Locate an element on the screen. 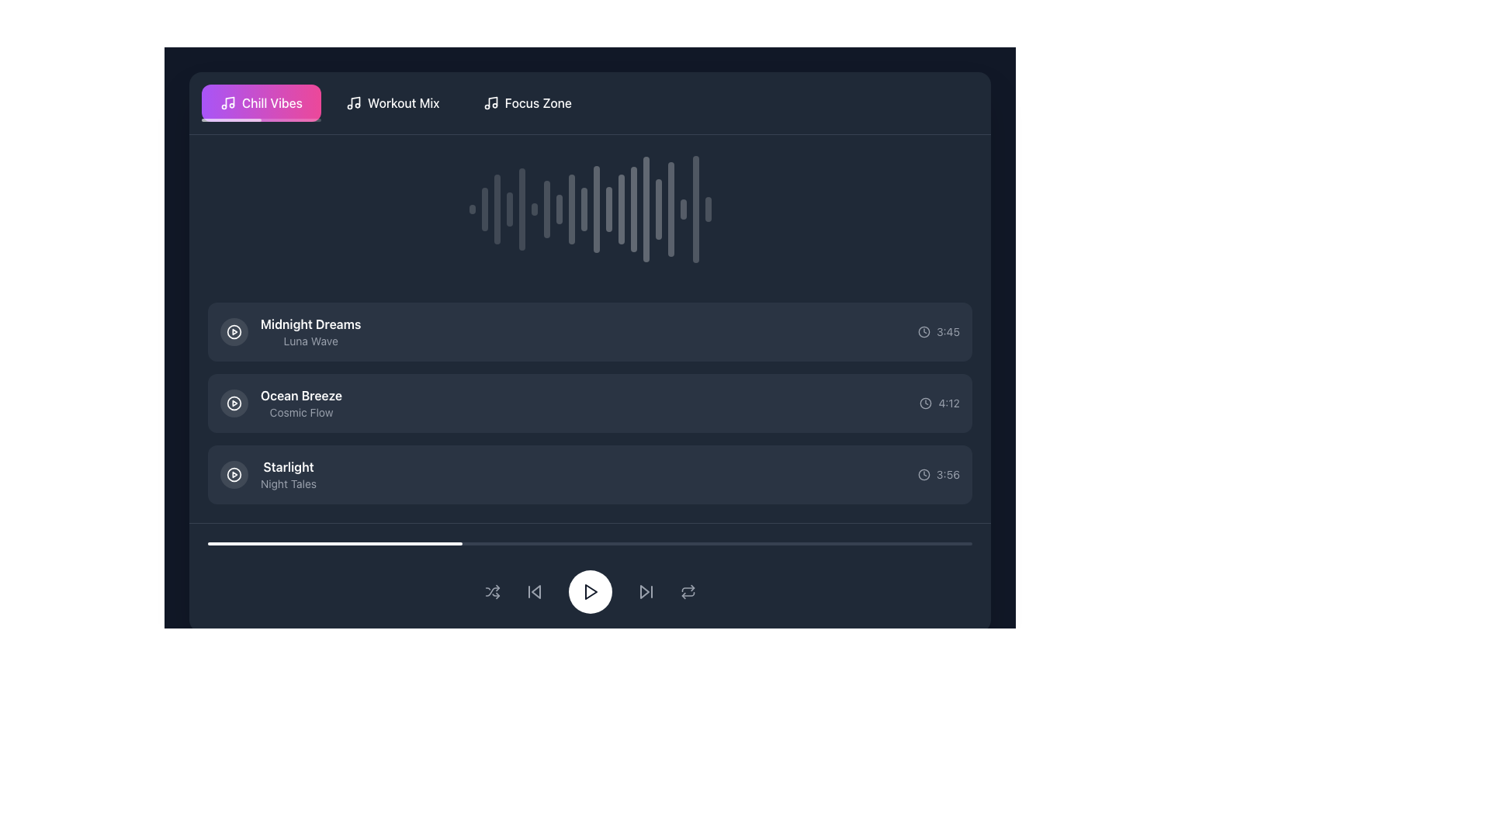 This screenshot has width=1490, height=838. the rightmost icon button in the bottom control section of the interface that toggles the repeat mode for media playback is located at coordinates (687, 592).